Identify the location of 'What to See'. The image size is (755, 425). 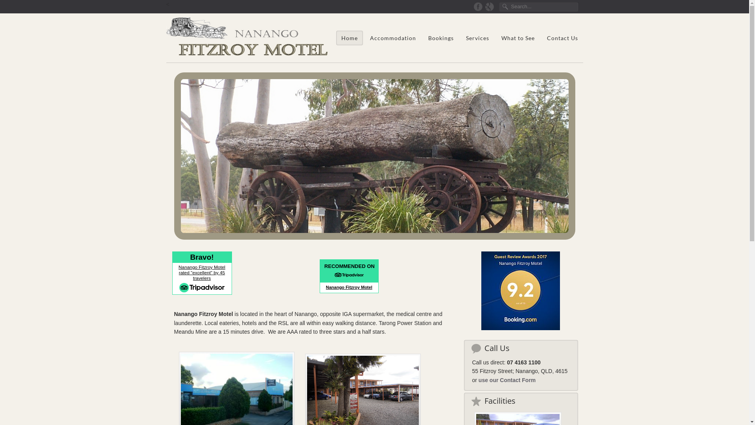
(496, 38).